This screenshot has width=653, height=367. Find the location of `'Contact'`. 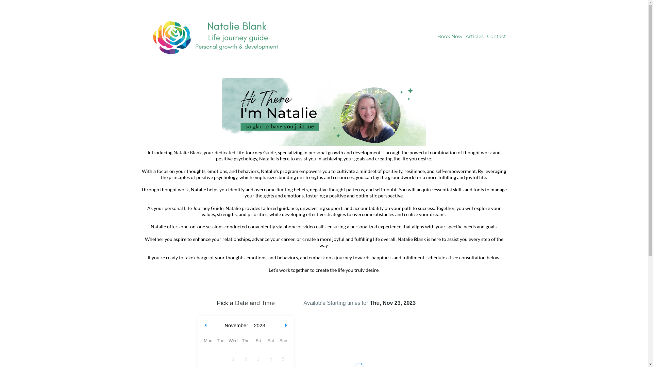

'Contact' is located at coordinates (496, 36).